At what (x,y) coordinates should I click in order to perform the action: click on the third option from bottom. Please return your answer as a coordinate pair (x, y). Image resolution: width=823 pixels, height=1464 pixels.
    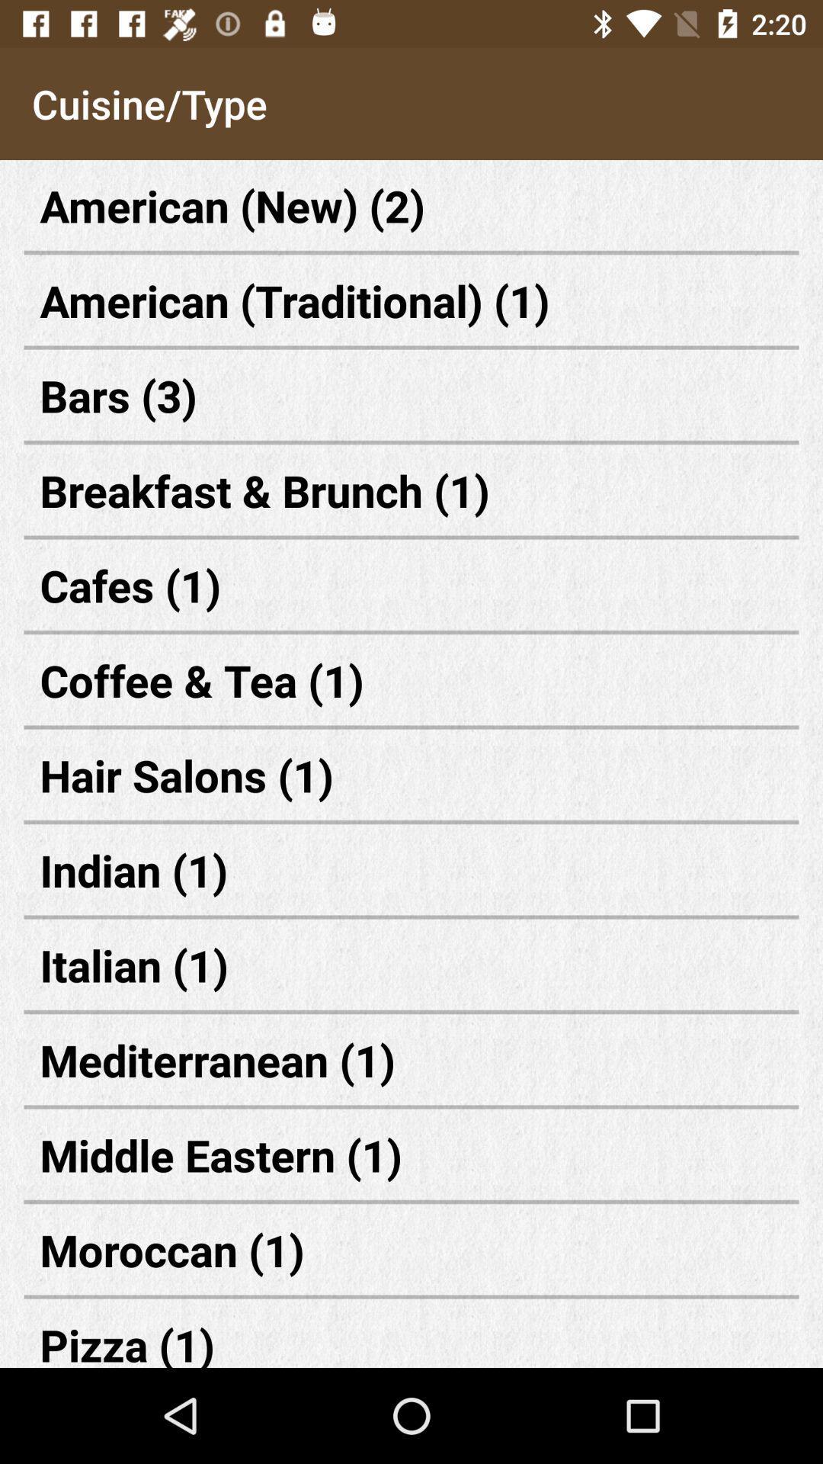
    Looking at the image, I should click on (411, 1154).